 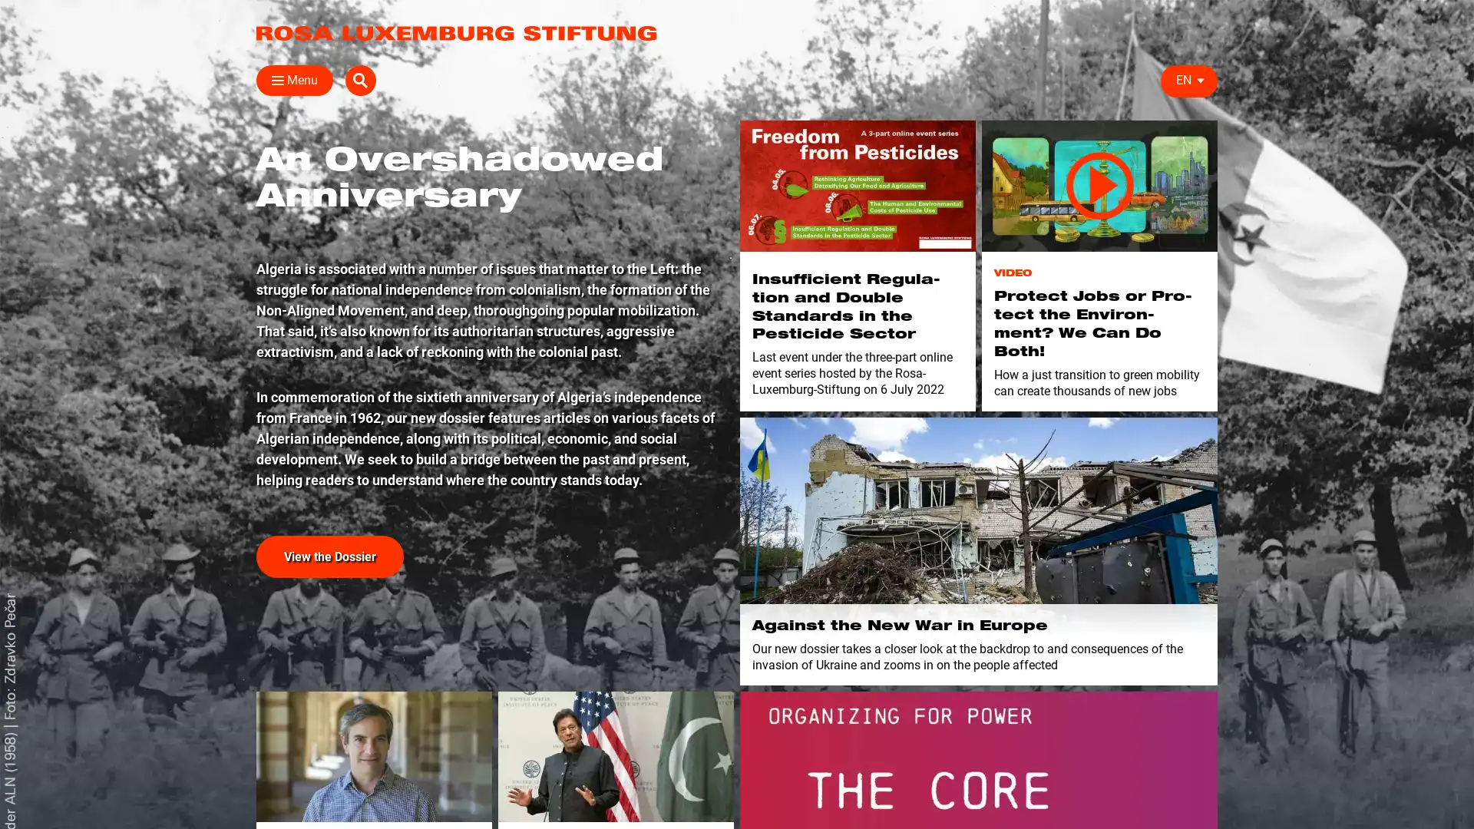 What do you see at coordinates (884, 279) in the screenshot?
I see `Show more / less` at bounding box center [884, 279].